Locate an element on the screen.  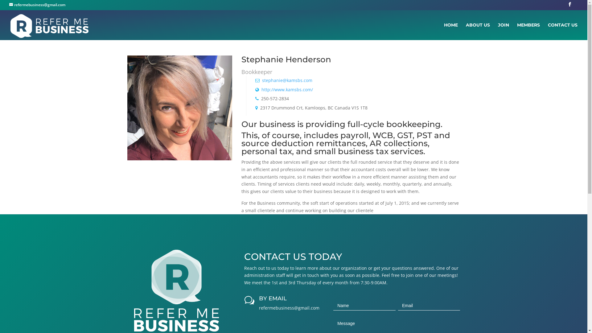
'http://www.kamsbs.com/' is located at coordinates (261, 89).